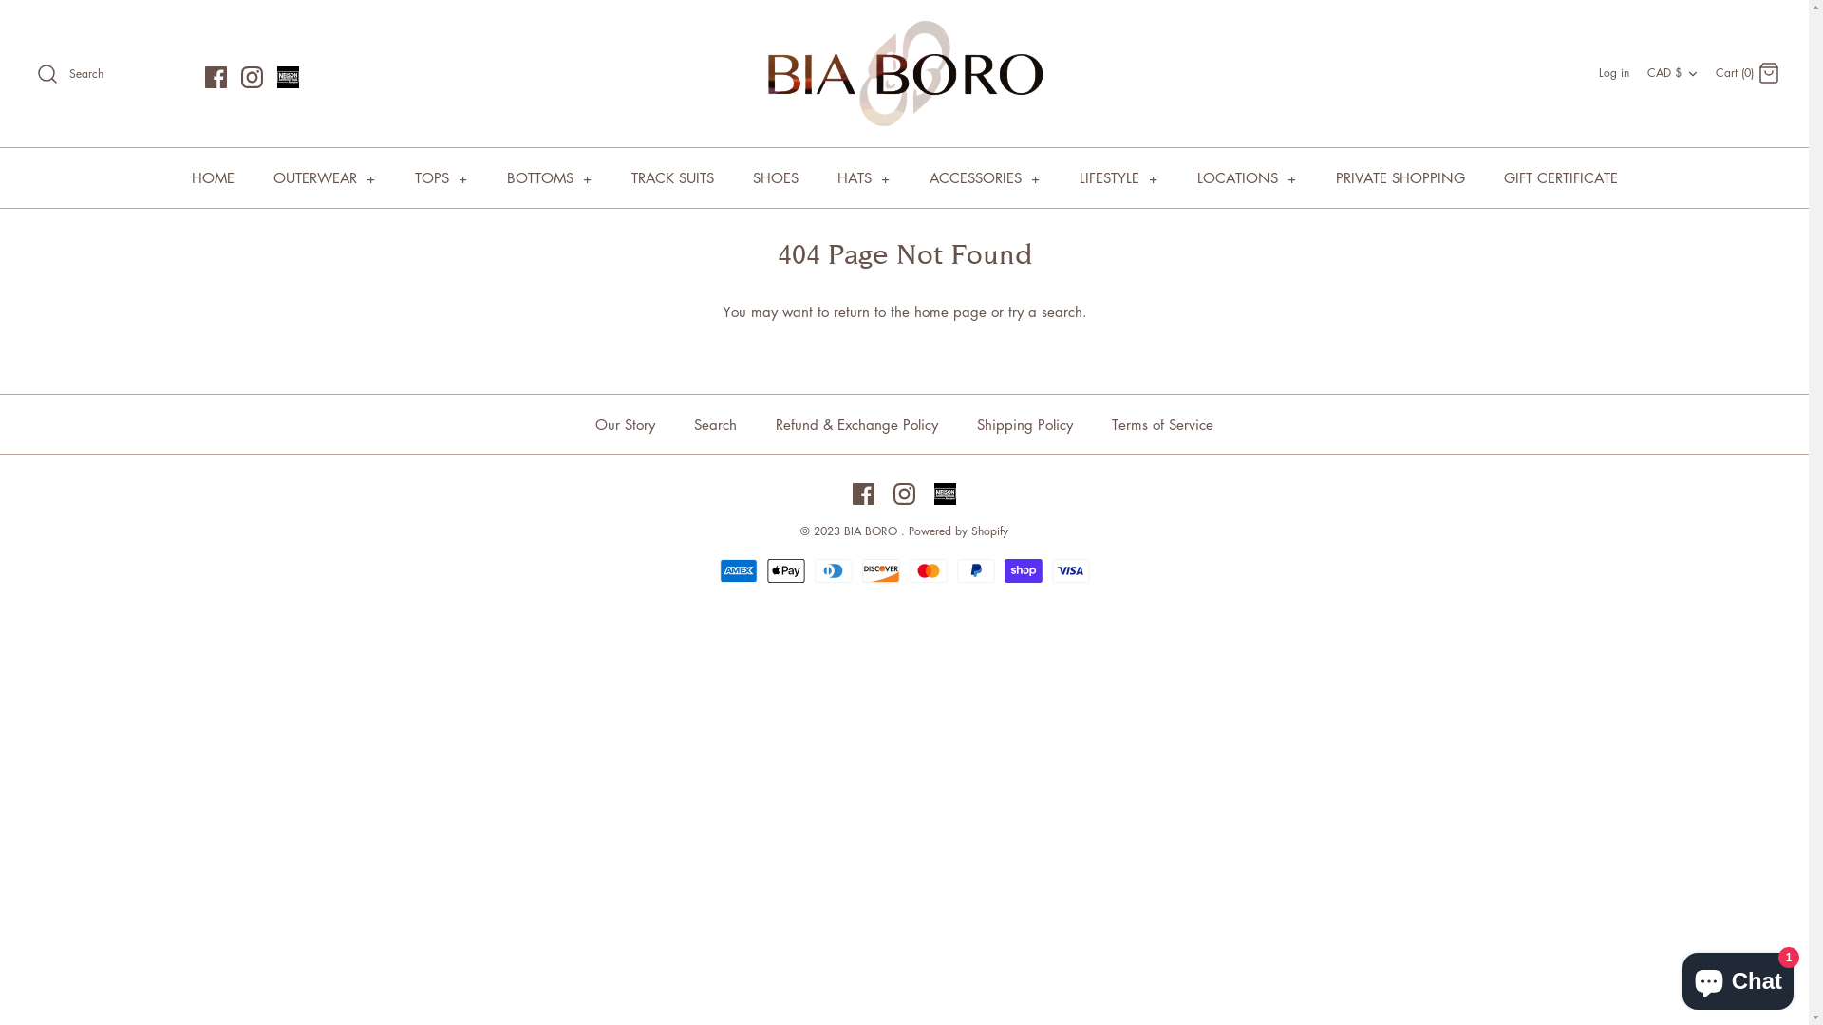 This screenshot has width=1823, height=1025. What do you see at coordinates (671, 177) in the screenshot?
I see `'TRACK SUITS'` at bounding box center [671, 177].